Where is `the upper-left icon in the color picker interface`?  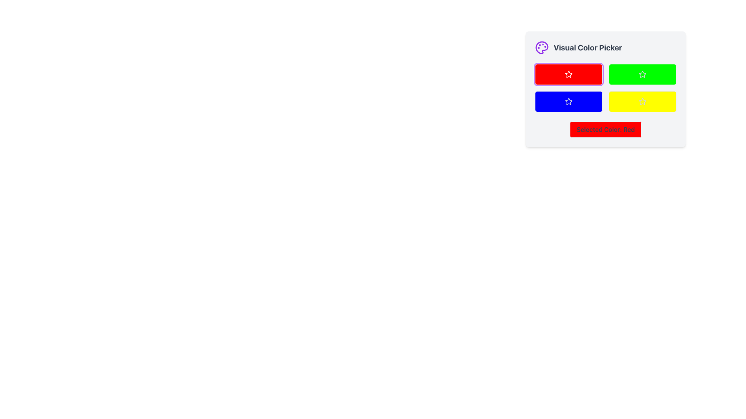
the upper-left icon in the color picker interface is located at coordinates (569, 74).